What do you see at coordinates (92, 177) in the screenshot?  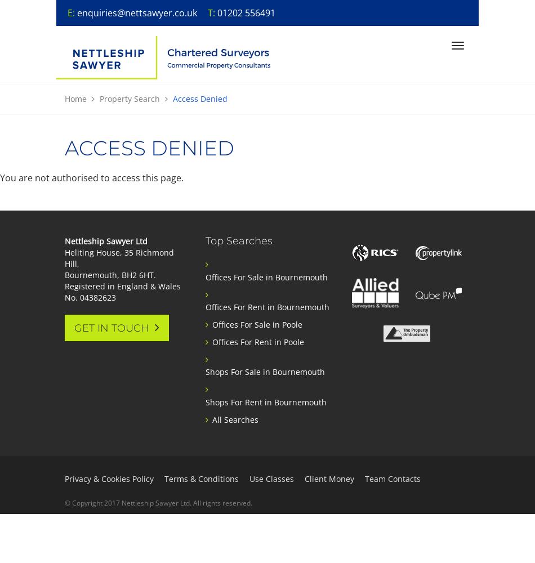 I see `'You are not authorised to access this page.'` at bounding box center [92, 177].